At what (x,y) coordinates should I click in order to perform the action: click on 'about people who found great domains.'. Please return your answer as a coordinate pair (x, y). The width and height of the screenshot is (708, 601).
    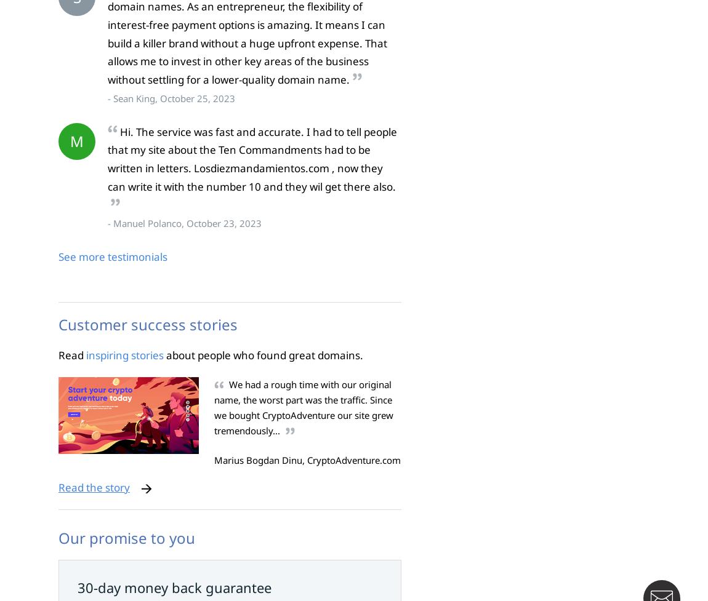
    Looking at the image, I should click on (263, 354).